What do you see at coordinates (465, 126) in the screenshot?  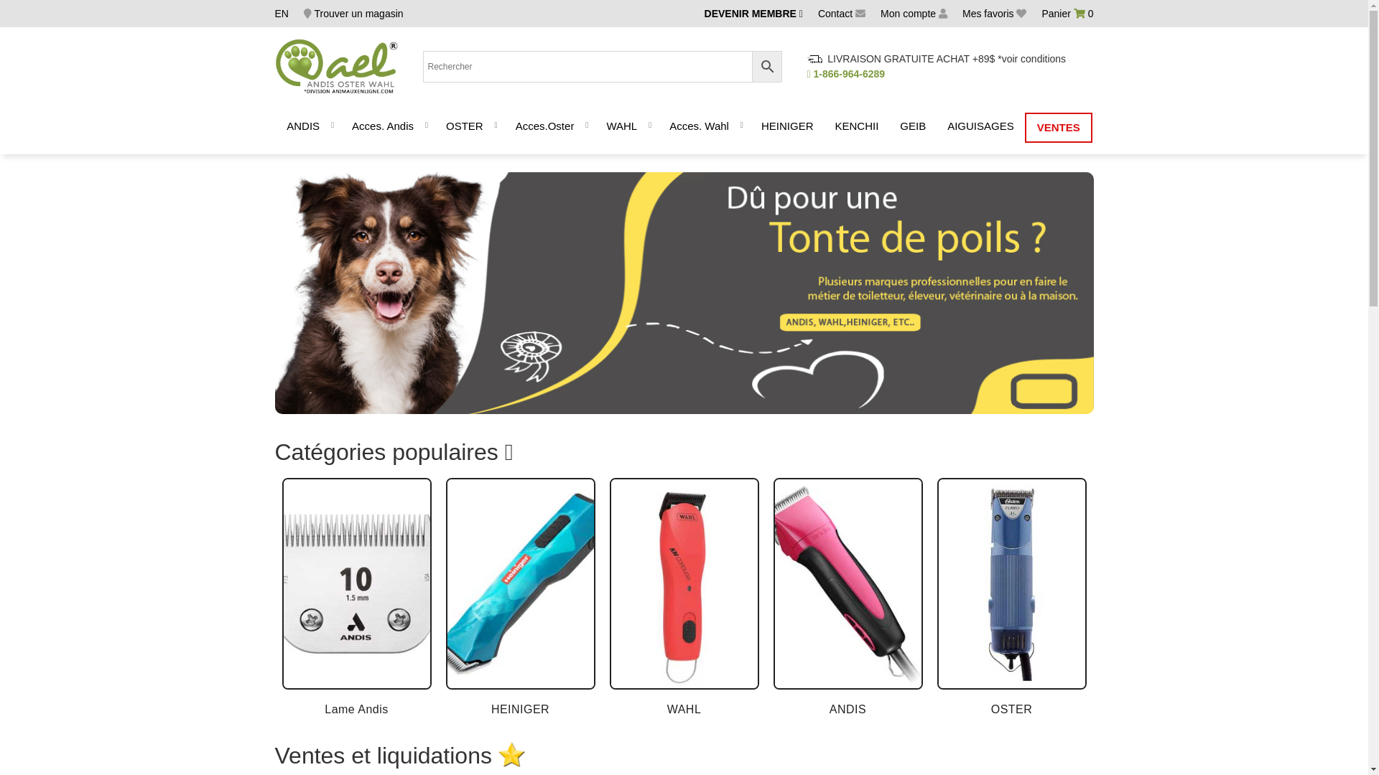 I see `'OSTER'` at bounding box center [465, 126].